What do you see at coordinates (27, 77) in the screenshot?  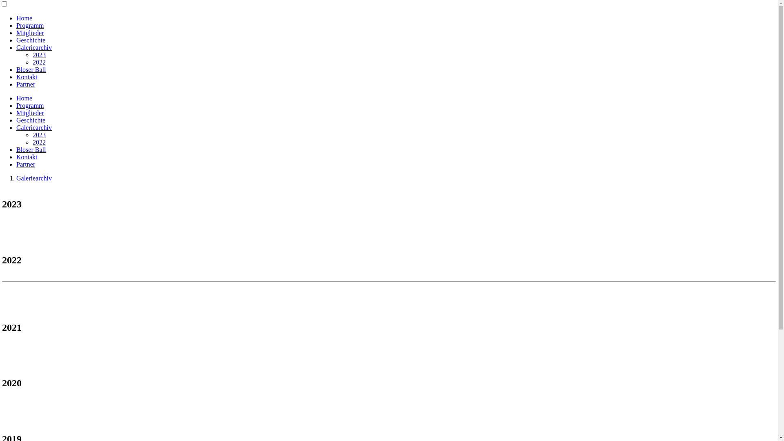 I see `'Kontakt'` at bounding box center [27, 77].